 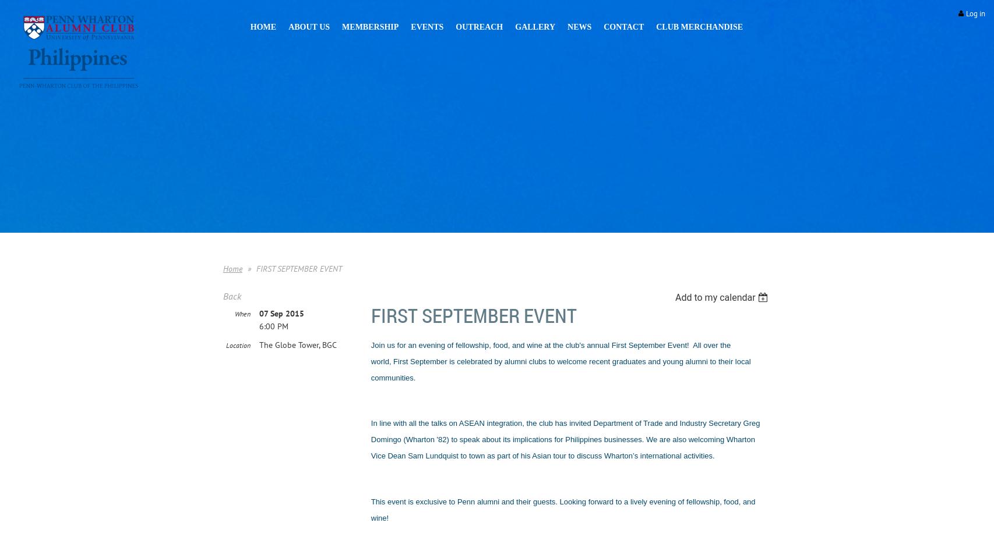 What do you see at coordinates (308, 27) in the screenshot?
I see `'About us'` at bounding box center [308, 27].